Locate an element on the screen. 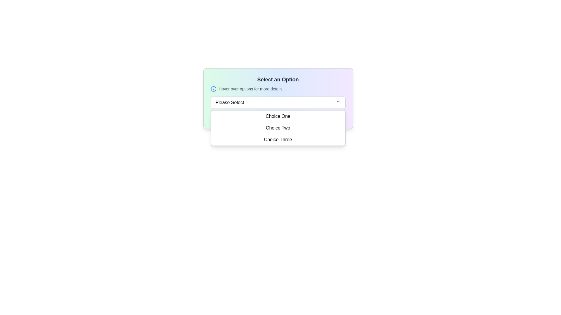 Image resolution: width=561 pixels, height=315 pixels. the dropdown menu option labeled 'Choice Three' is located at coordinates (278, 139).